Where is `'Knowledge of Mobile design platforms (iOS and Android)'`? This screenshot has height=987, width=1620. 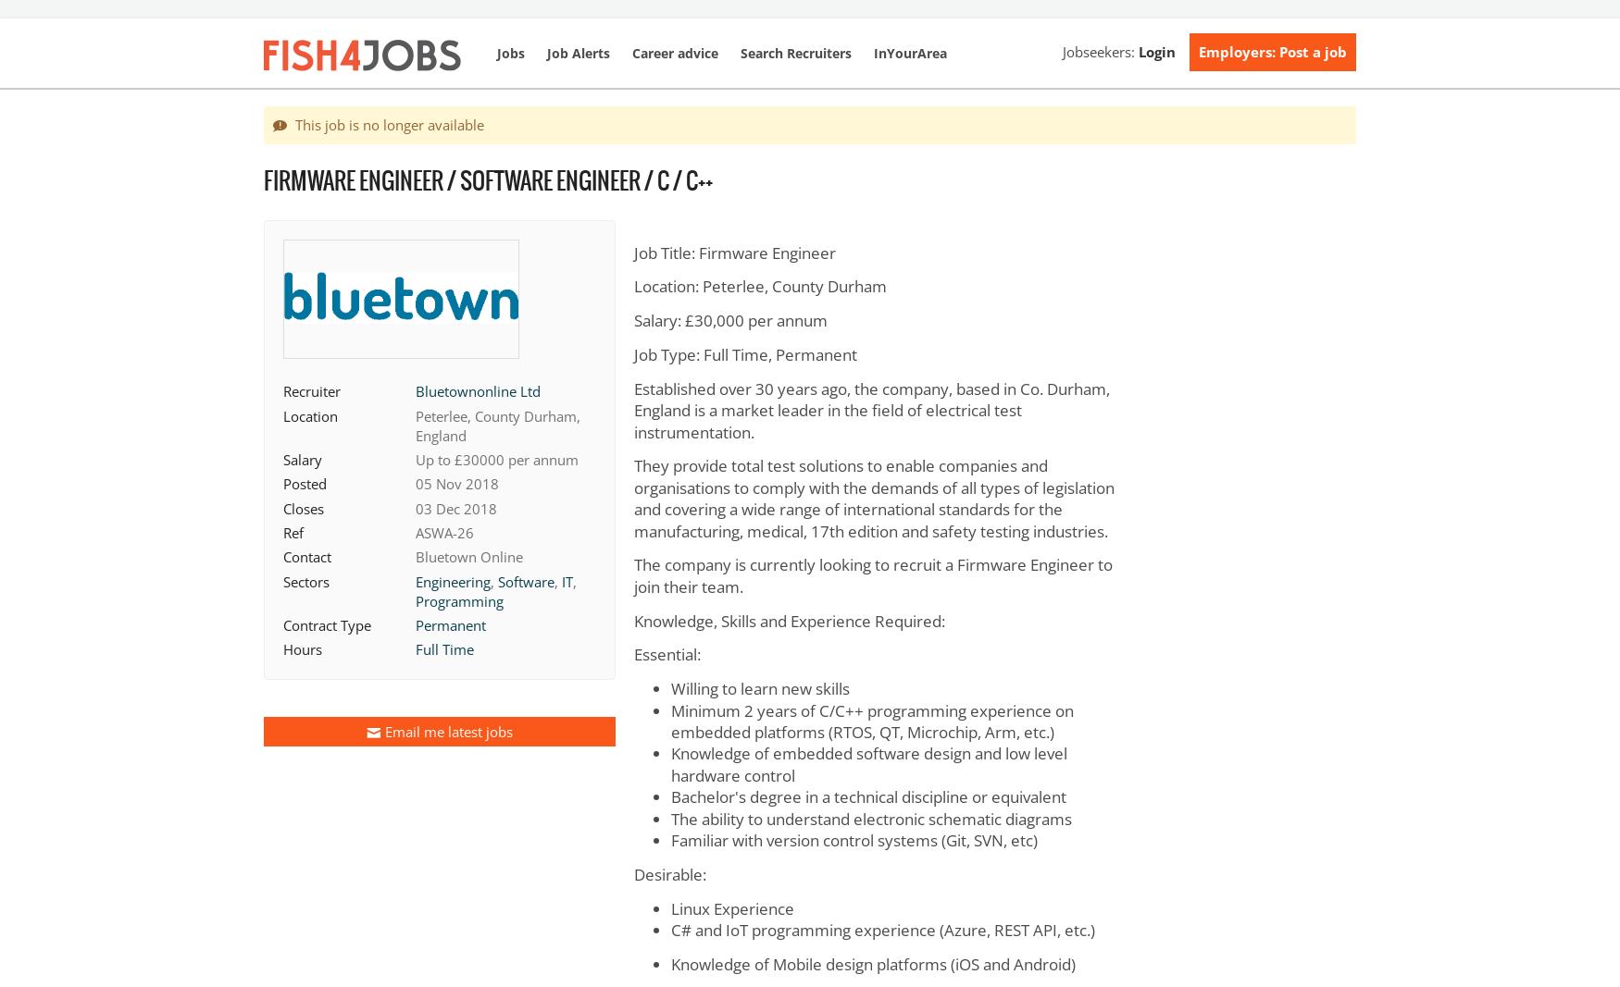
'Knowledge of Mobile design platforms (iOS and Android)' is located at coordinates (669, 963).